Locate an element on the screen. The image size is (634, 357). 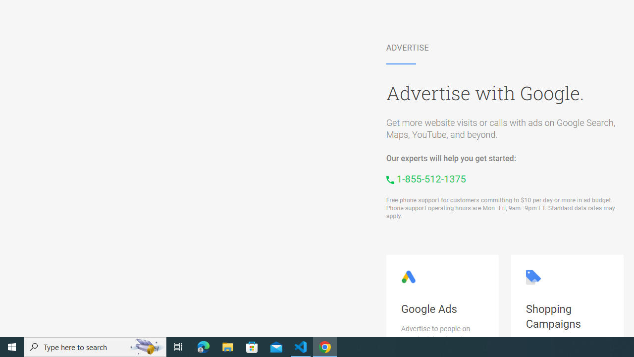
'Google Shopping logo' is located at coordinates (532, 277).